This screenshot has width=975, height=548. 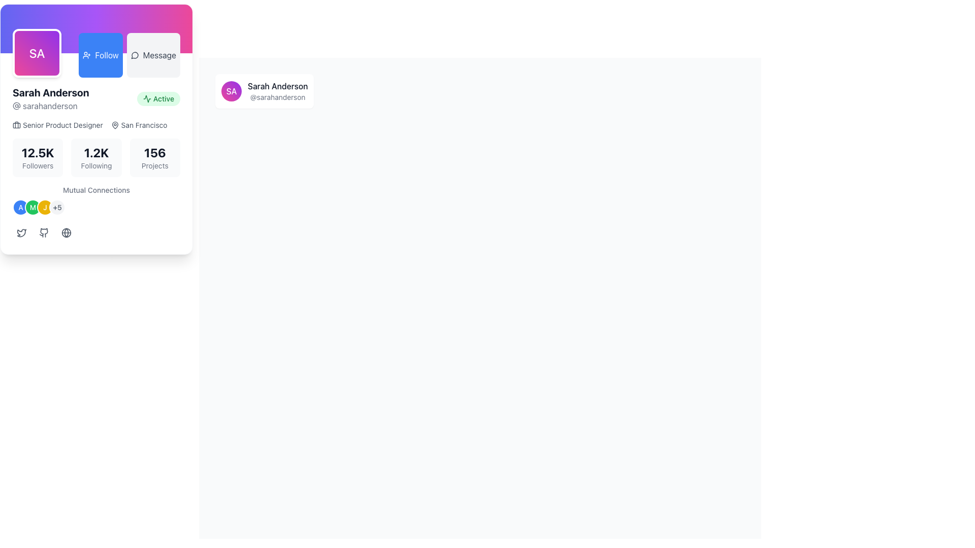 I want to click on the first button with a bird icon, which is gray and changes background on hover, located below the user's profile information, so click(x=22, y=233).